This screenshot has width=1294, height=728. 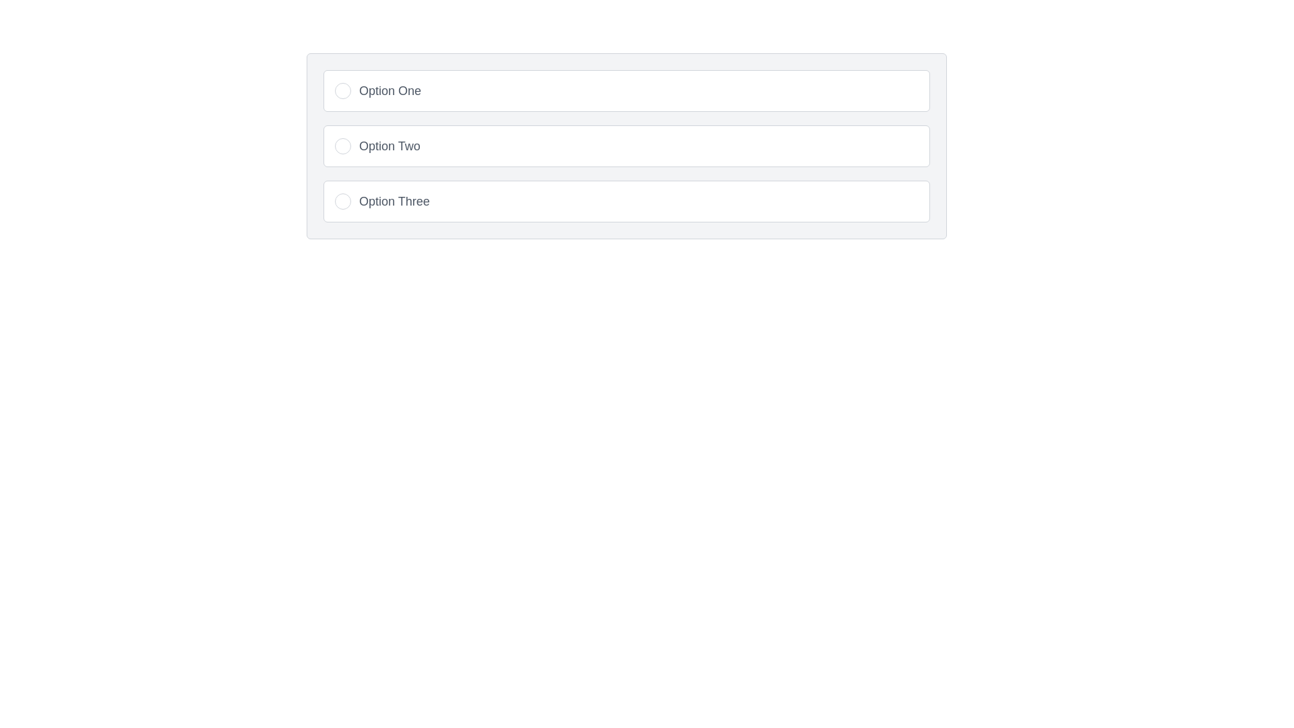 What do you see at coordinates (342, 202) in the screenshot?
I see `the radio button indicator for 'Option Three'` at bounding box center [342, 202].